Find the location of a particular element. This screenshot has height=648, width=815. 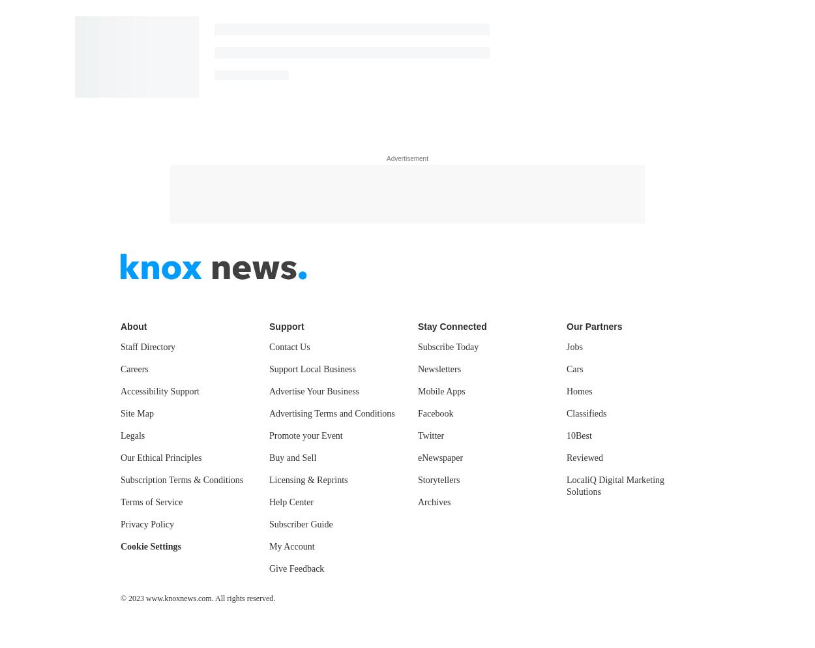

'Accessibility Support' is located at coordinates (159, 390).